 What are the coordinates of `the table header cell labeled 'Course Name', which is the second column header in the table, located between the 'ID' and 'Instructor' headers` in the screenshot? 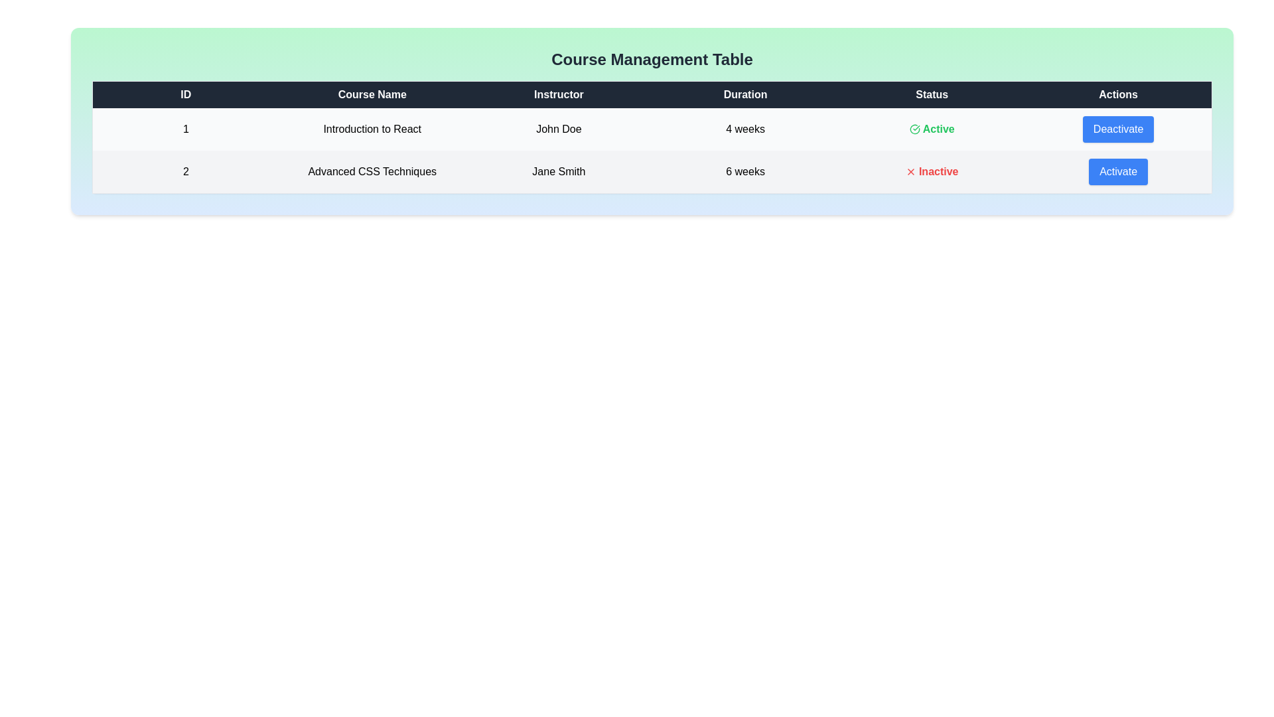 It's located at (372, 94).